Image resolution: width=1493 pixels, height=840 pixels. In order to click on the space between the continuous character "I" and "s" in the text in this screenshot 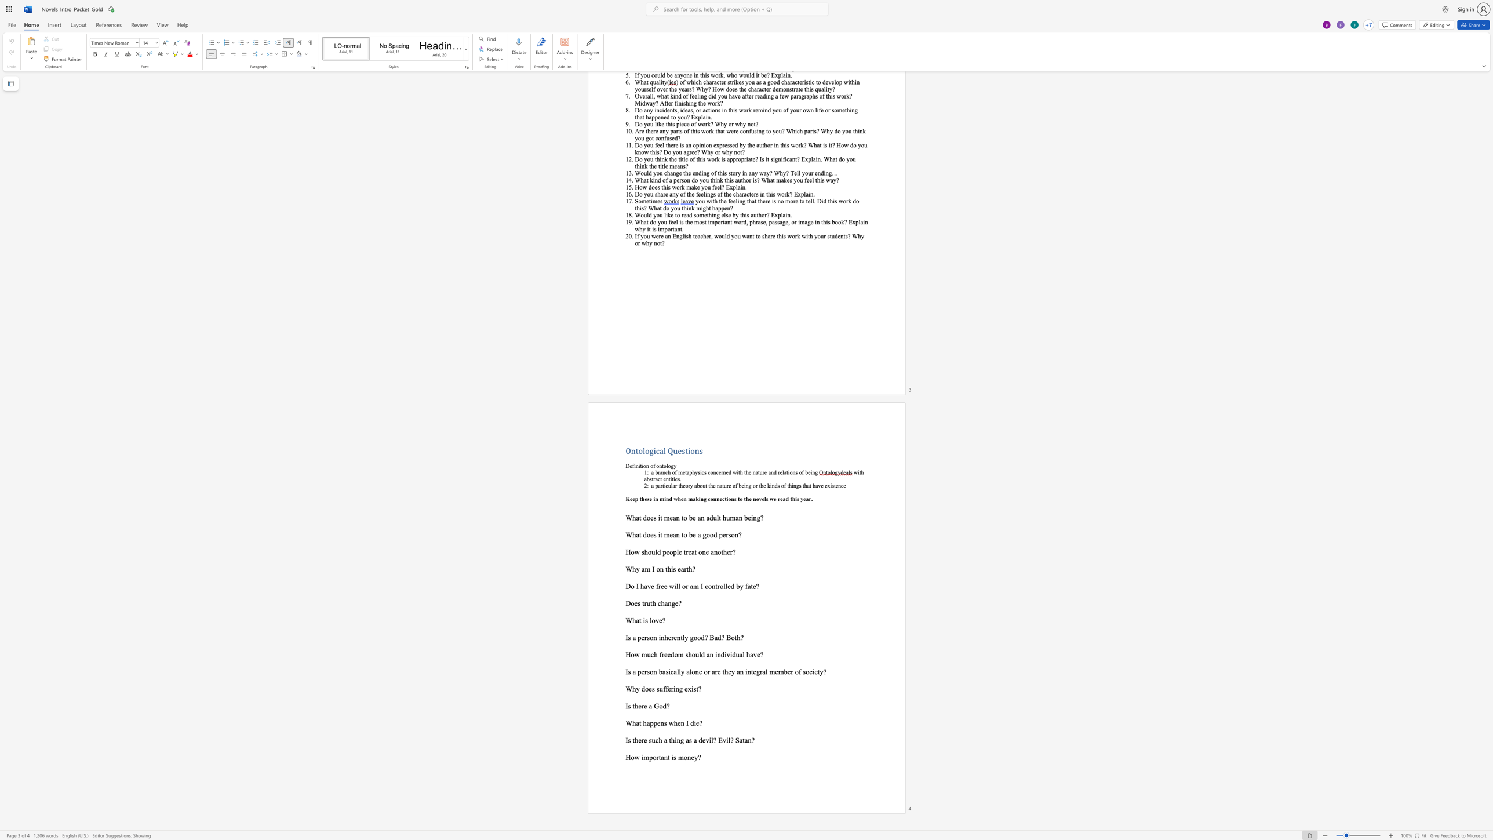, I will do `click(628, 671)`.